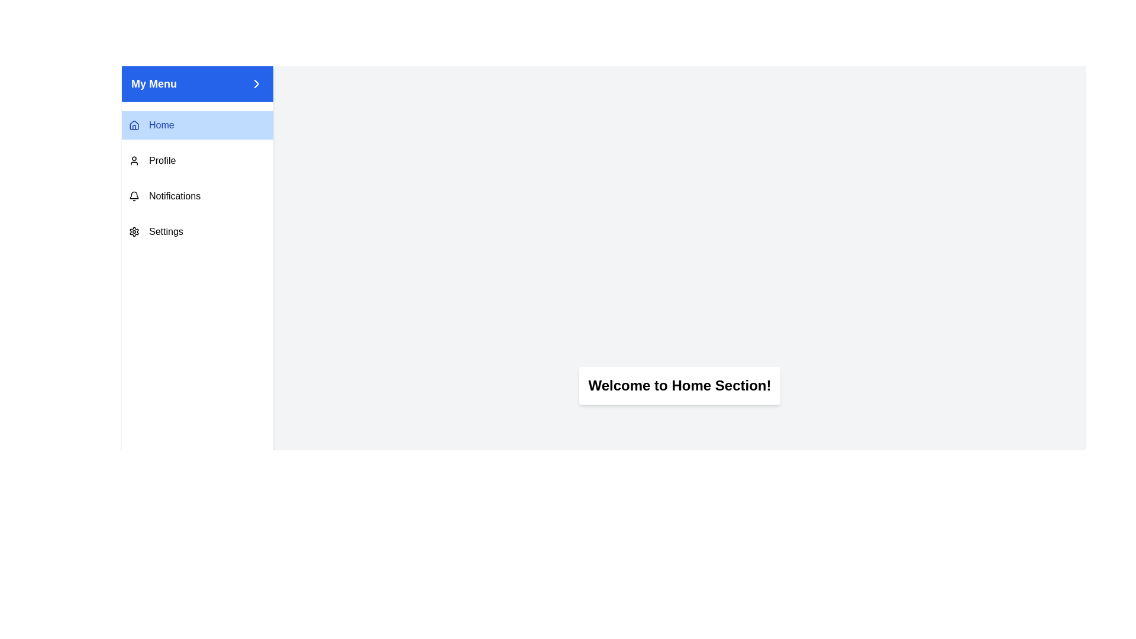 This screenshot has width=1136, height=639. Describe the element at coordinates (134, 161) in the screenshot. I see `the user silhouette icon located to the left of the 'Profile' text label in the vertical menu` at that location.